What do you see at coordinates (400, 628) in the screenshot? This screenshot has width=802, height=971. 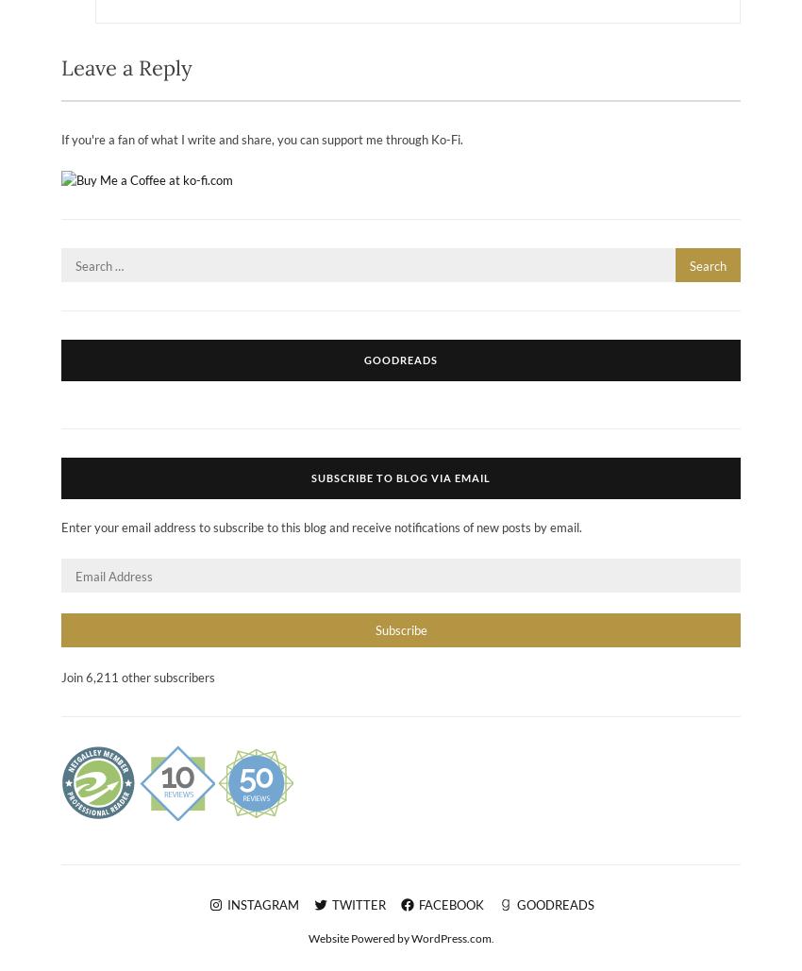 I see `'Subscribe'` at bounding box center [400, 628].